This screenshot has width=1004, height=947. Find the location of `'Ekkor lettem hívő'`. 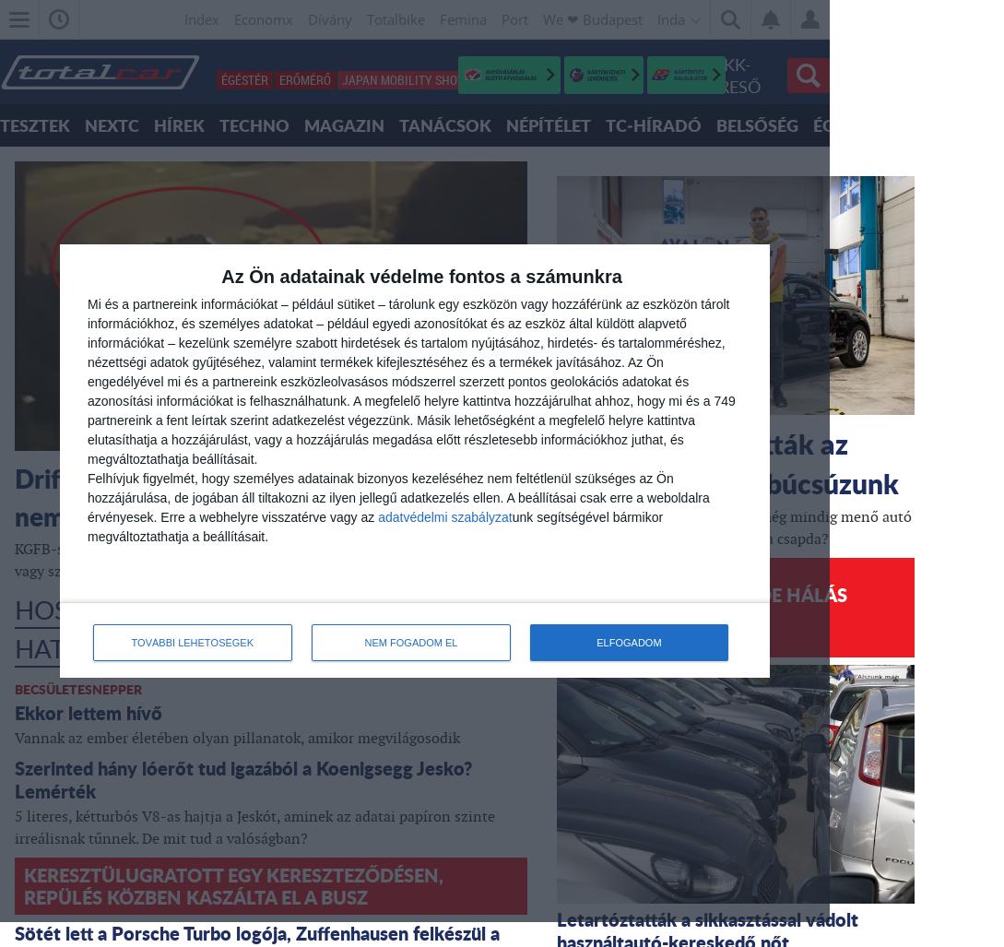

'Ekkor lettem hívő' is located at coordinates (89, 710).